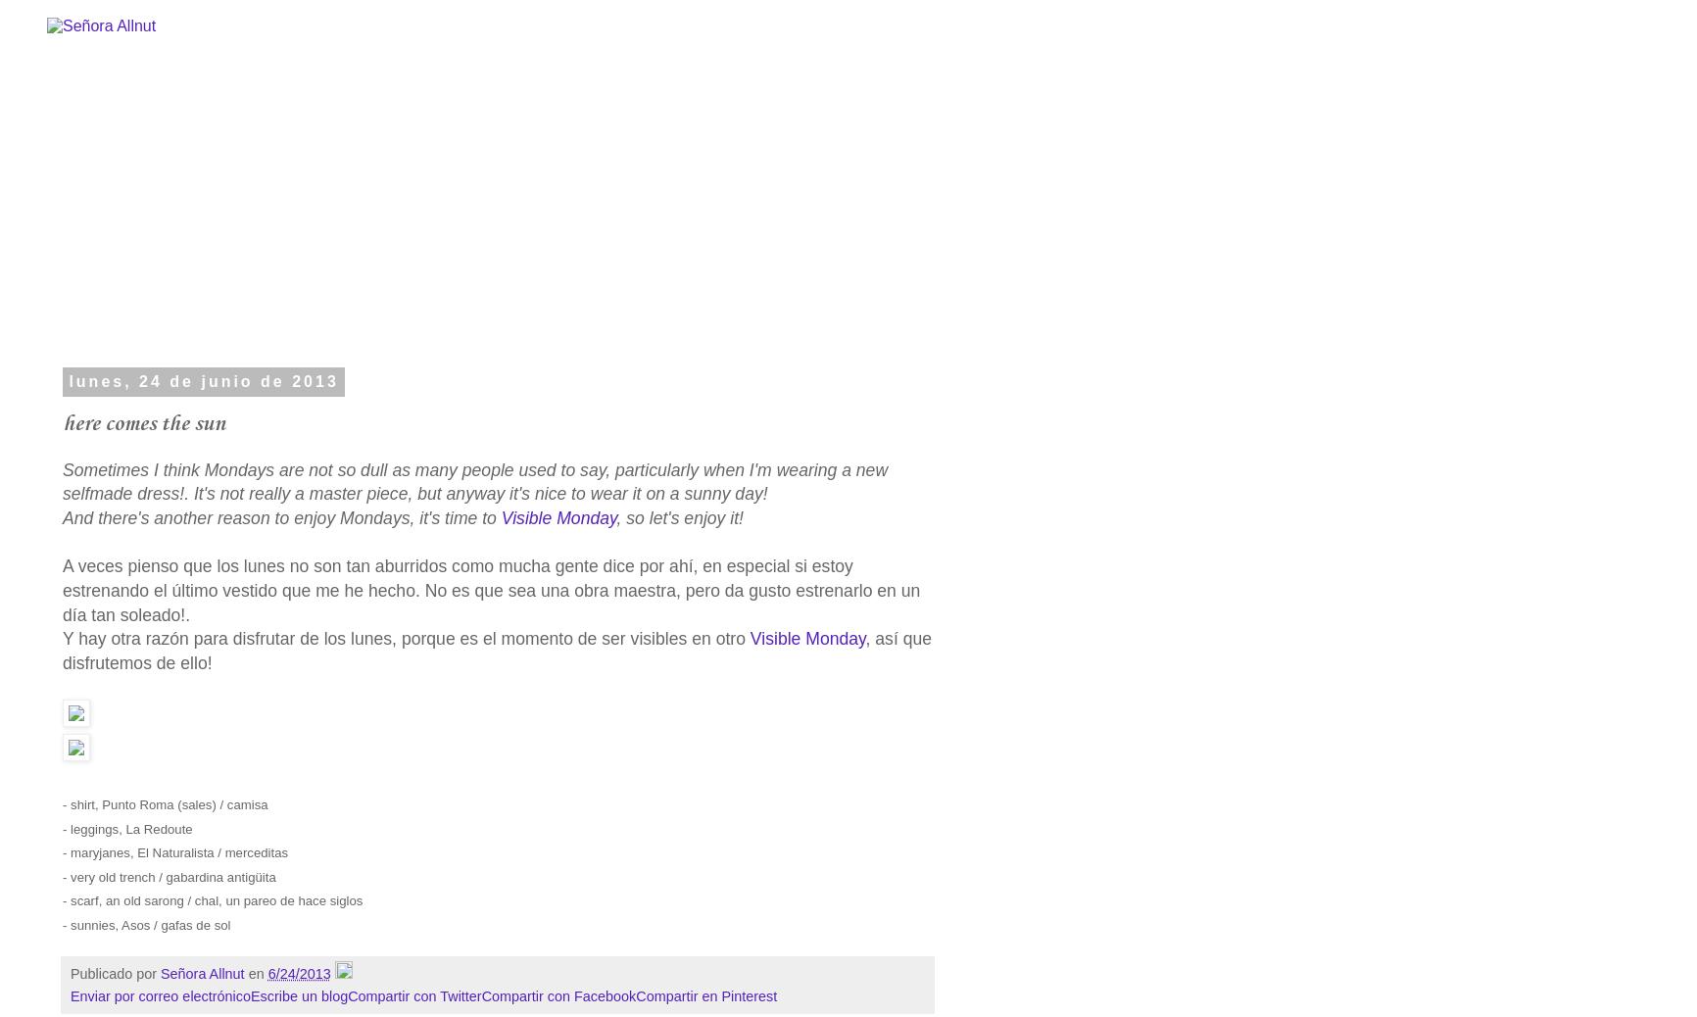  Describe the element at coordinates (412, 994) in the screenshot. I see `'Compartir con Twitter'` at that location.